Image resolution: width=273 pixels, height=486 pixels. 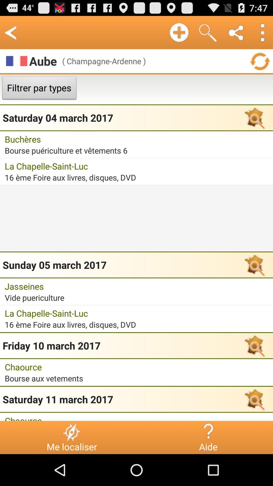 What do you see at coordinates (72, 432) in the screenshot?
I see `the item next to chaource icon` at bounding box center [72, 432].